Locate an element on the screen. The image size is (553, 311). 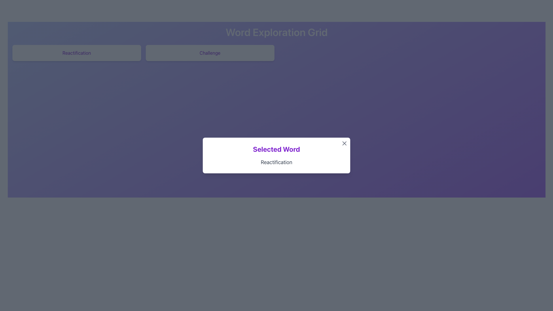
the small, circular button with an 'X' icon in the top-right corner to change its color from gray to red is located at coordinates (344, 143).